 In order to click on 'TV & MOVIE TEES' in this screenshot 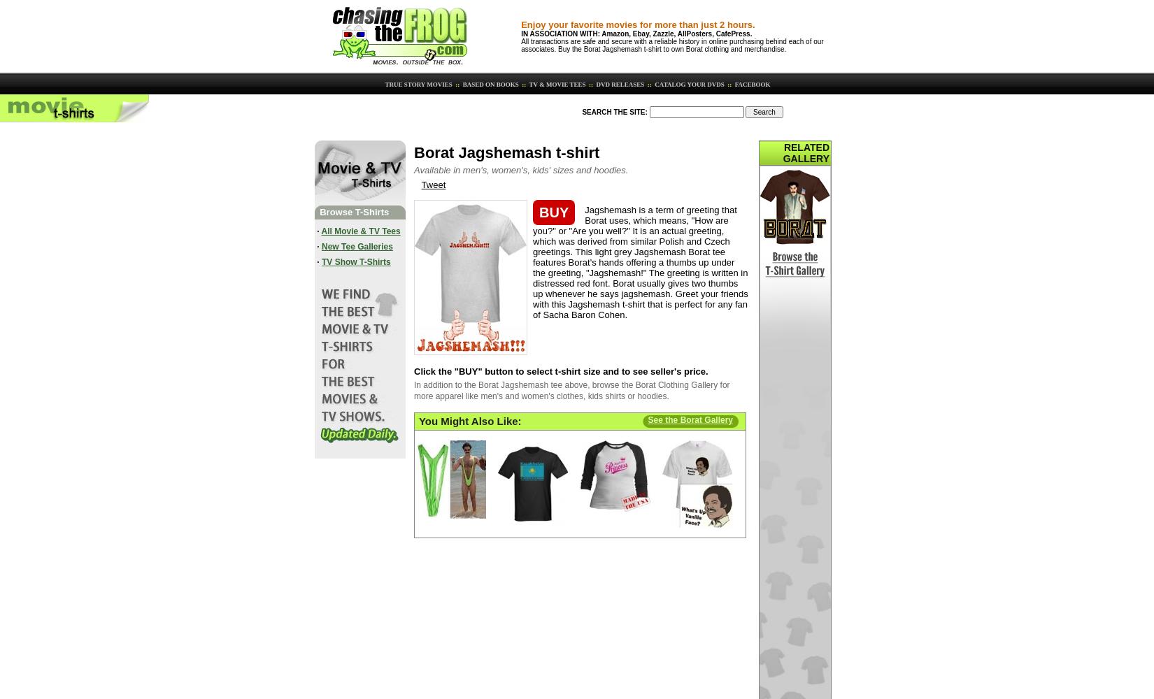, I will do `click(555, 83)`.